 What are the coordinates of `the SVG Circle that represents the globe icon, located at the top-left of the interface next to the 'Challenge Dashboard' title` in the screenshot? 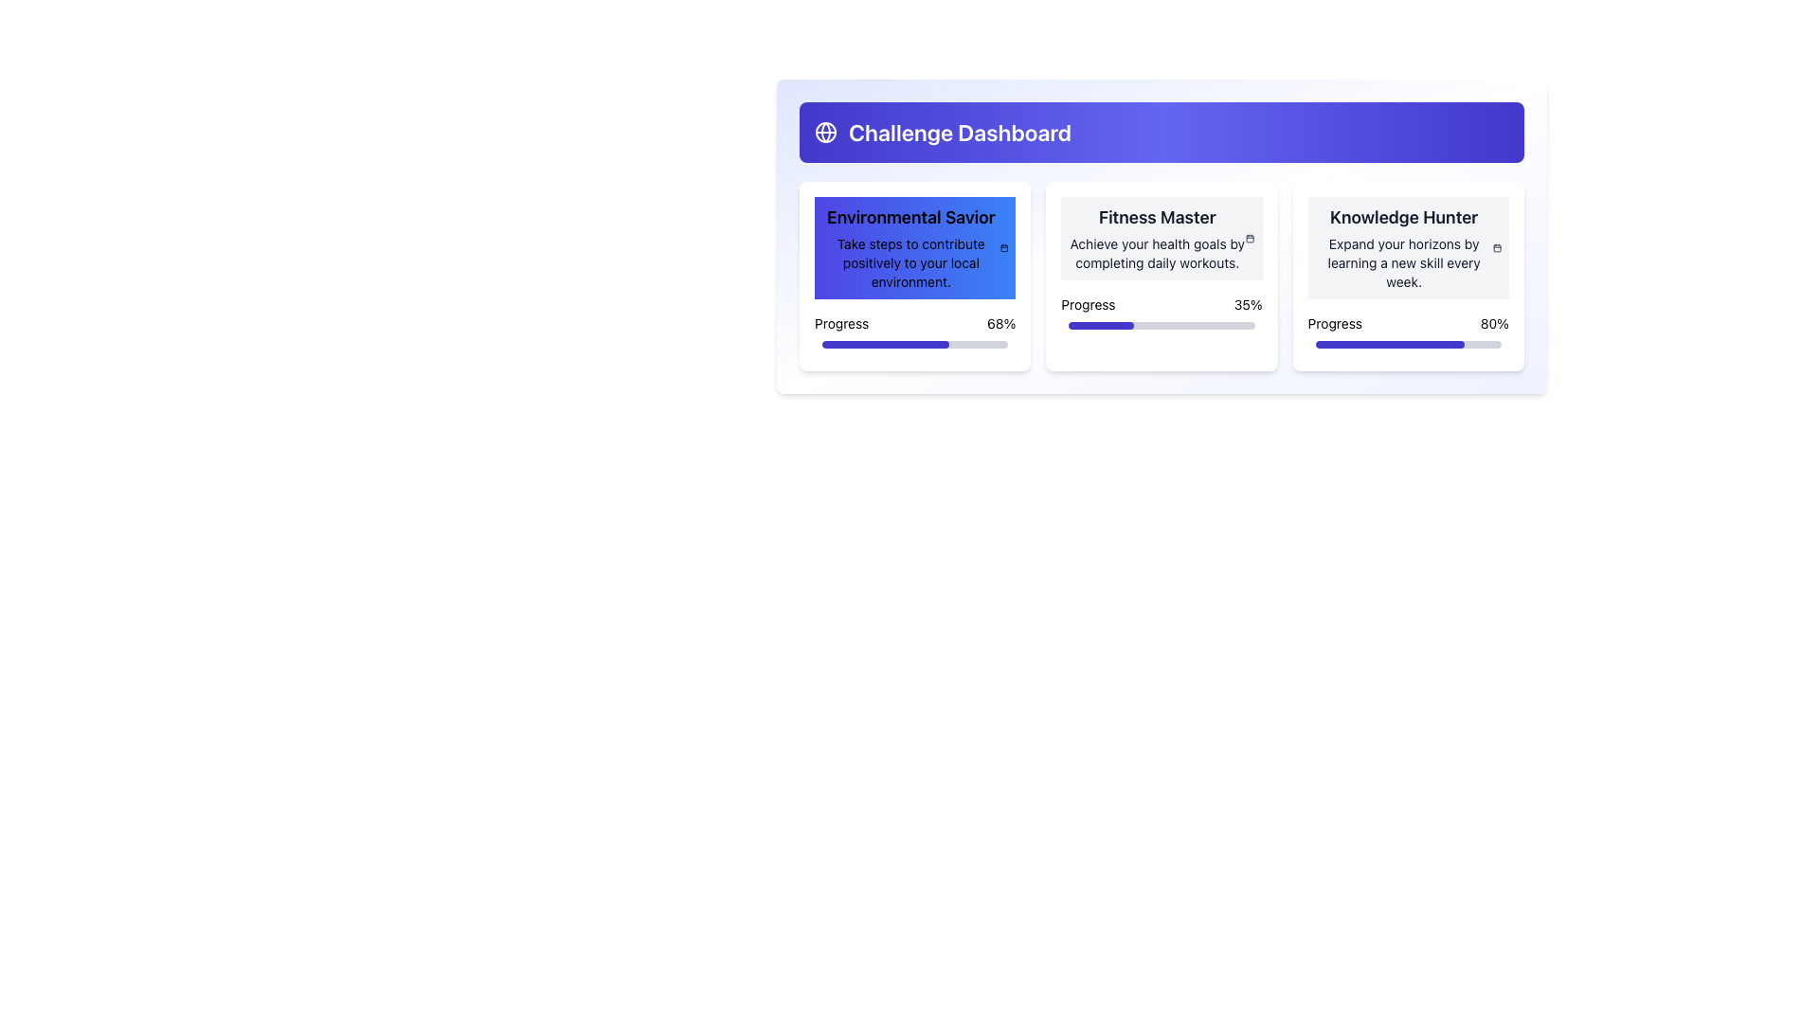 It's located at (826, 131).